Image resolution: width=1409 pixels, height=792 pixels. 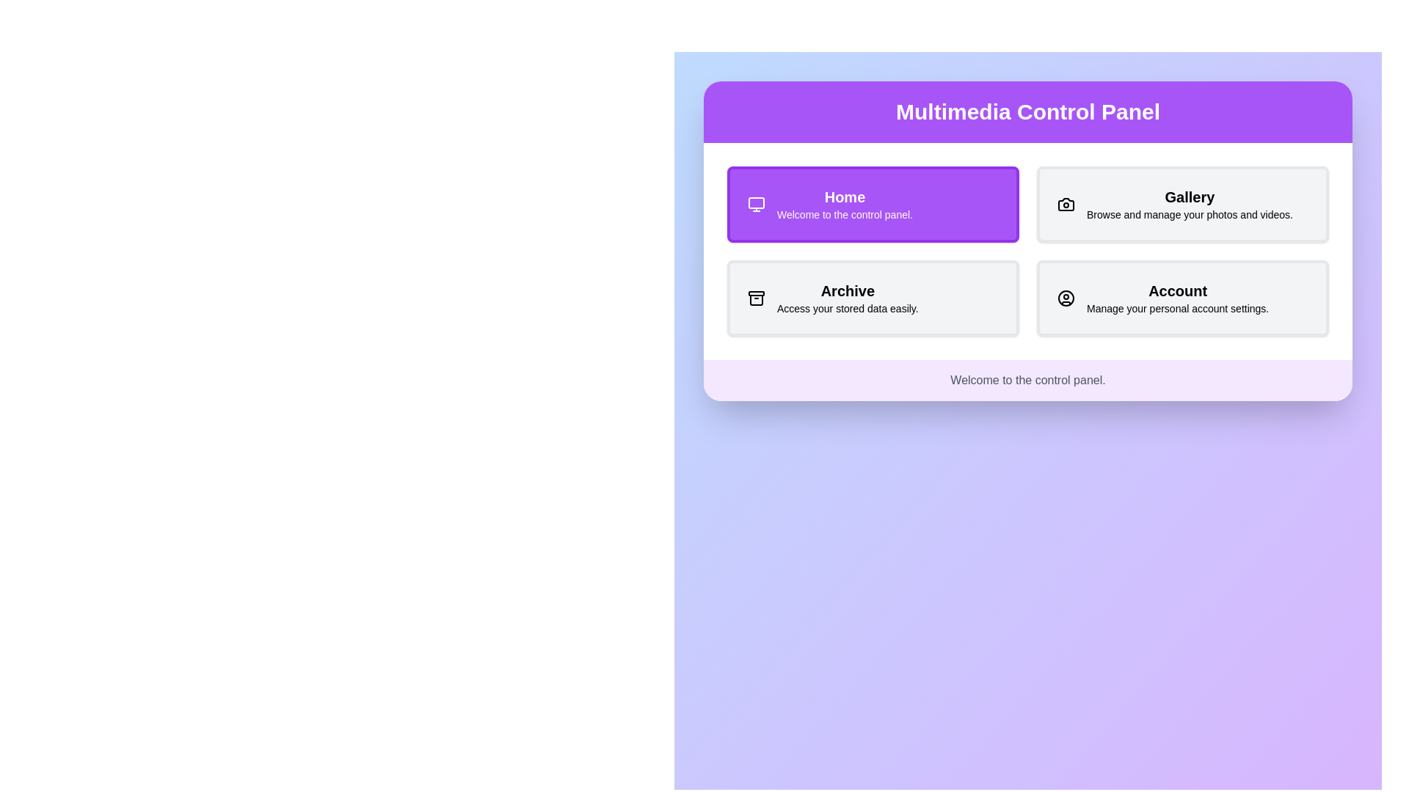 I want to click on the Archive section by clicking its button, so click(x=873, y=298).